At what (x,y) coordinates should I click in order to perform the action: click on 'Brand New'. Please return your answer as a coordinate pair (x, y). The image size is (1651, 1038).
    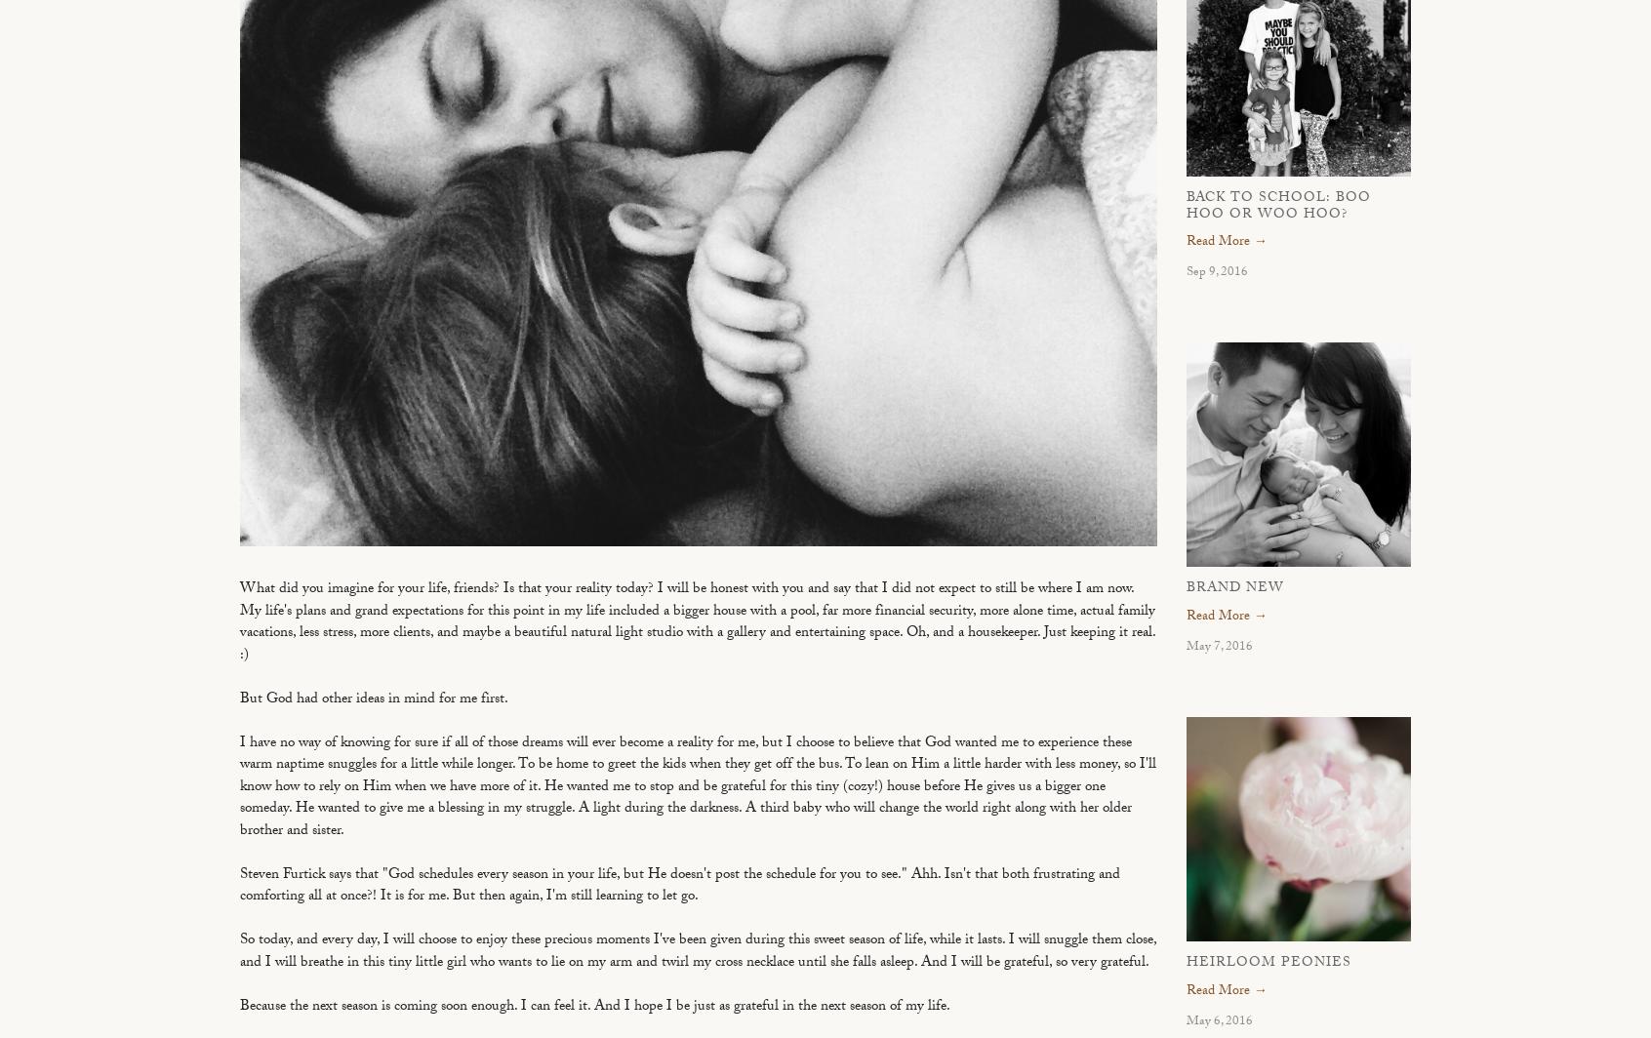
    Looking at the image, I should click on (1234, 589).